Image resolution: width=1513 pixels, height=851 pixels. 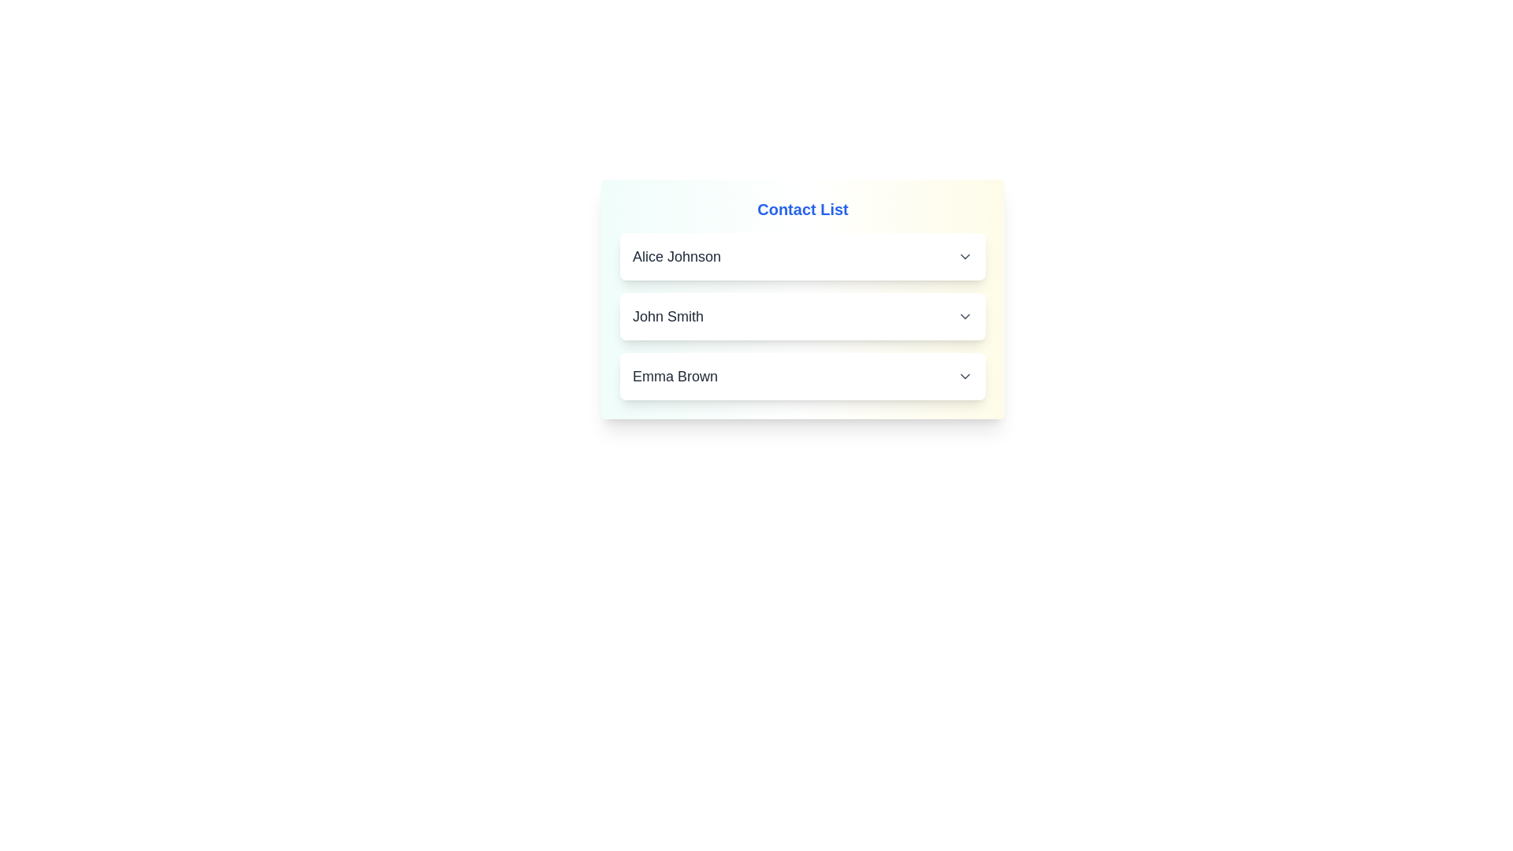 I want to click on the contact name John Smith to reveal its details, so click(x=802, y=316).